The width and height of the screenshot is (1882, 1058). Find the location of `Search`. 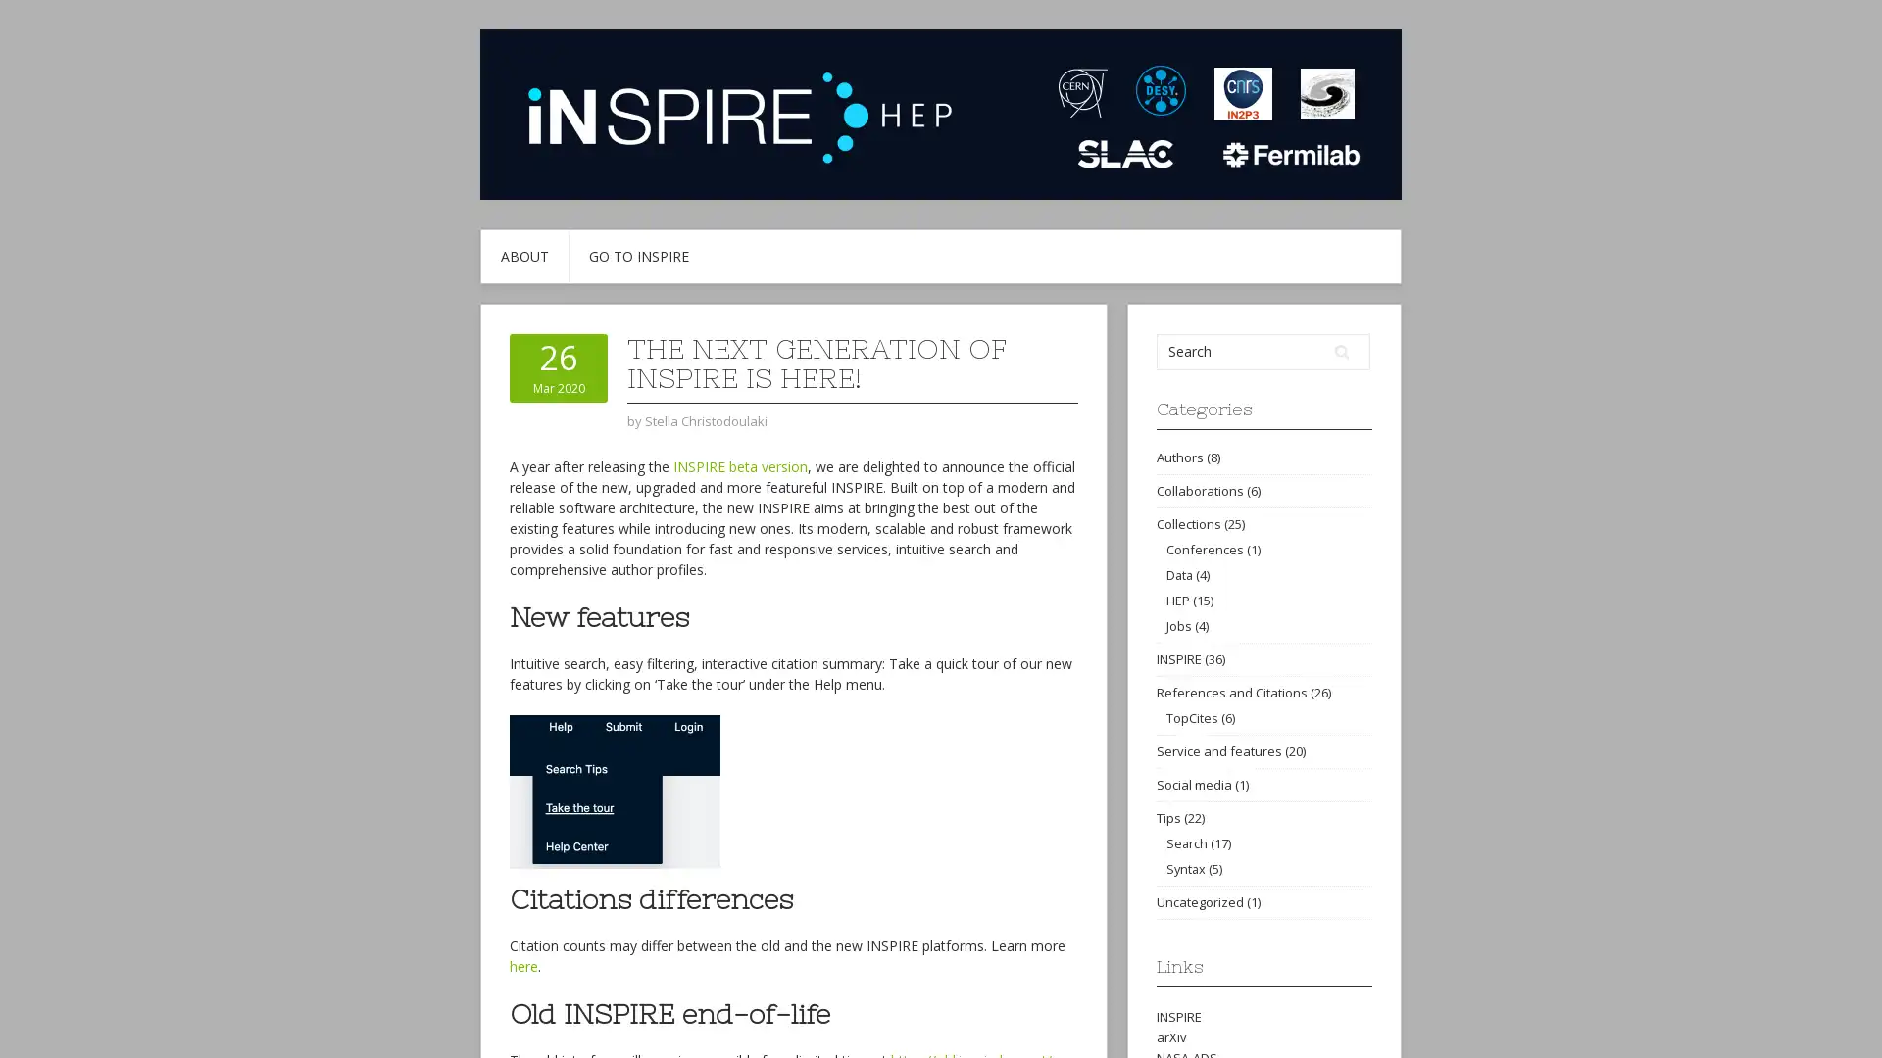

Search is located at coordinates (1341, 351).